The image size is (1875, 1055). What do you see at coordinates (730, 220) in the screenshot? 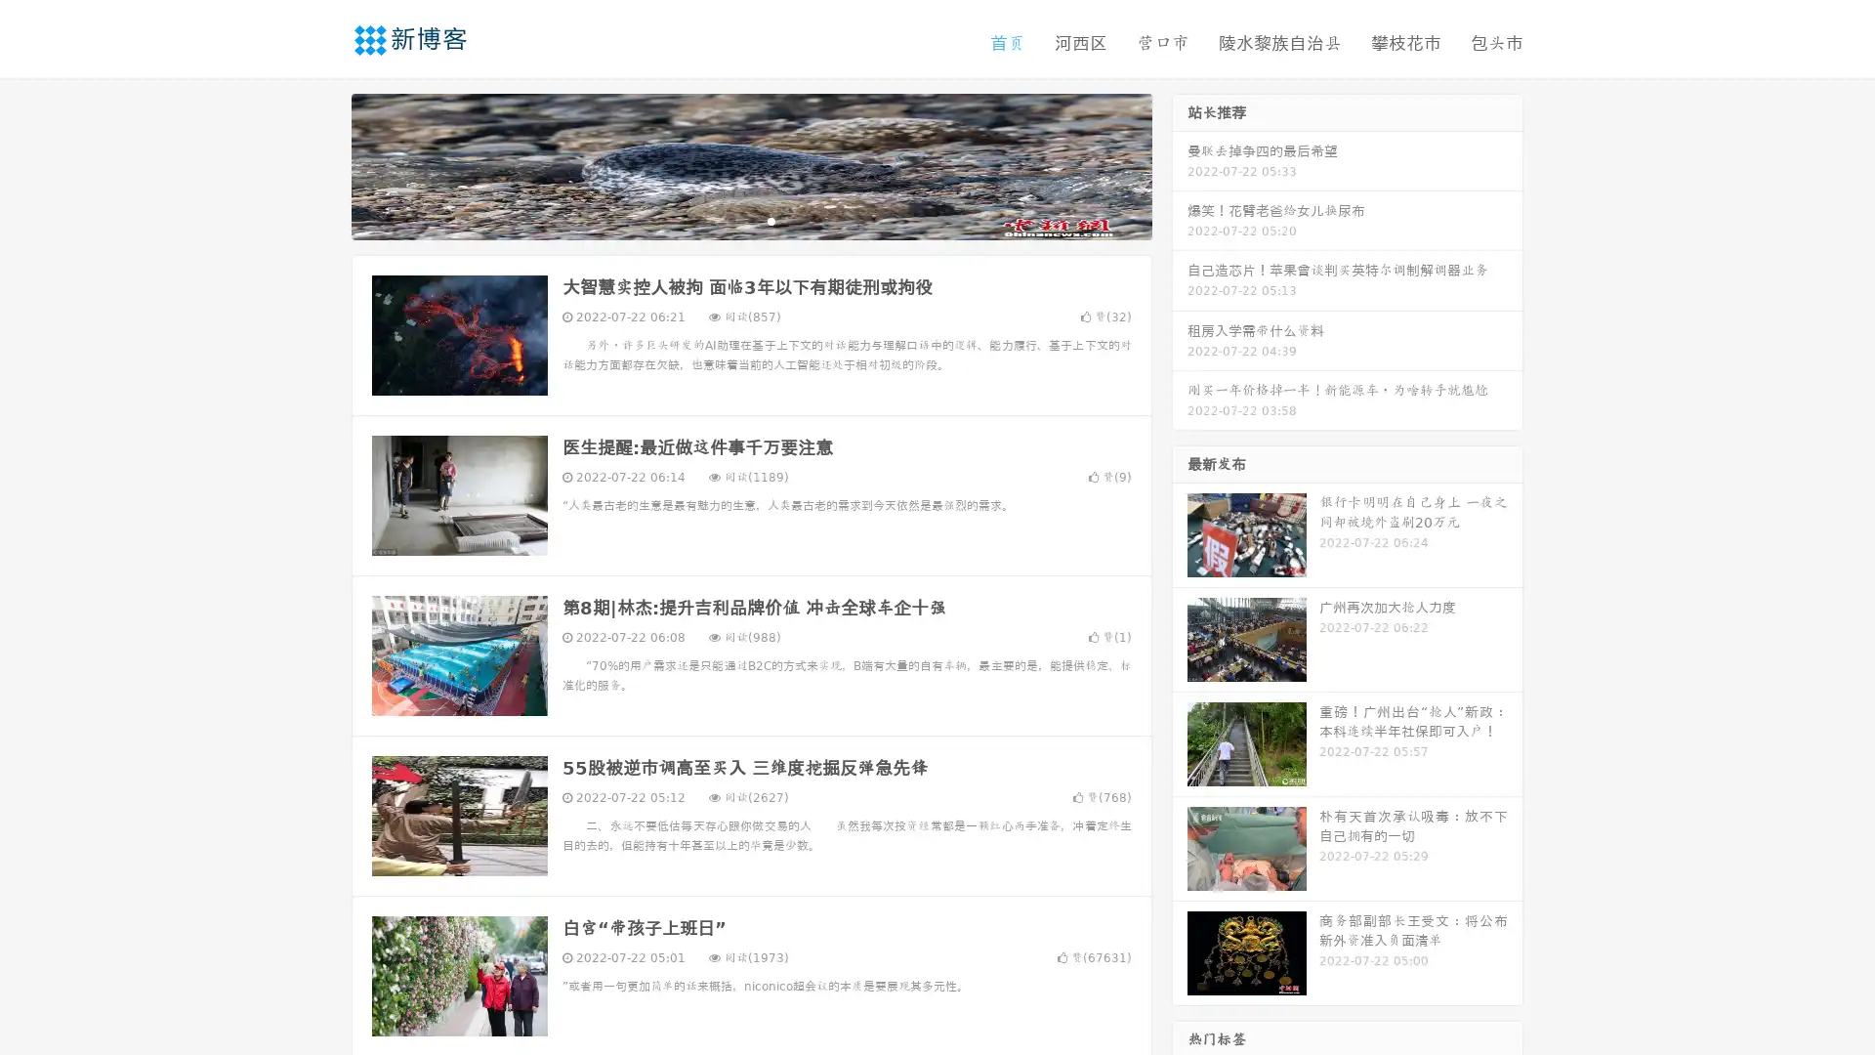
I see `Go to slide 1` at bounding box center [730, 220].